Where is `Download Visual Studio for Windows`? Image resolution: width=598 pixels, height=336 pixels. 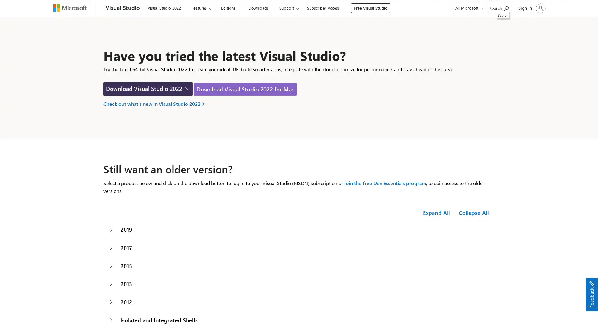
Download Visual Studio for Windows is located at coordinates (148, 89).